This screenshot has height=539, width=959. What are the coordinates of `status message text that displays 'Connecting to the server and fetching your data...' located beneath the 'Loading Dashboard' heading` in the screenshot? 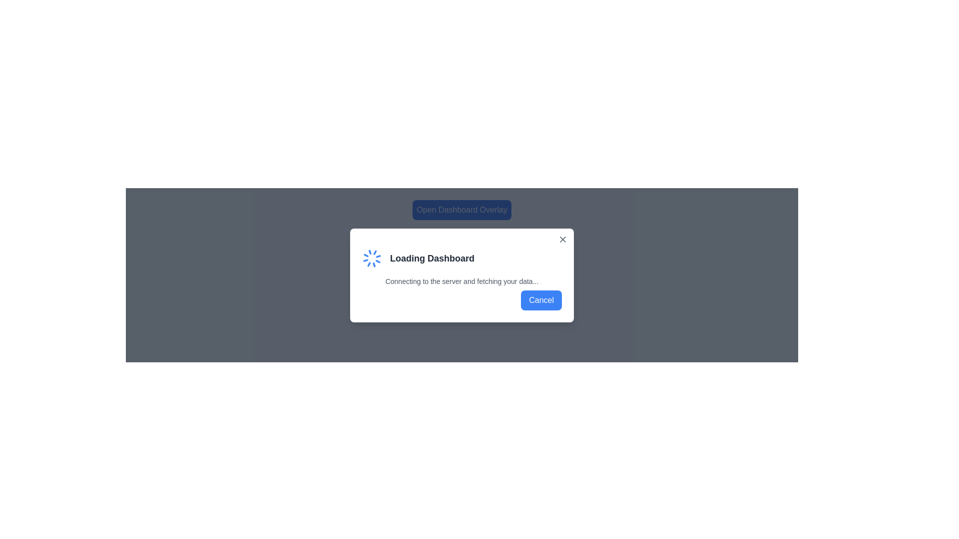 It's located at (462, 281).